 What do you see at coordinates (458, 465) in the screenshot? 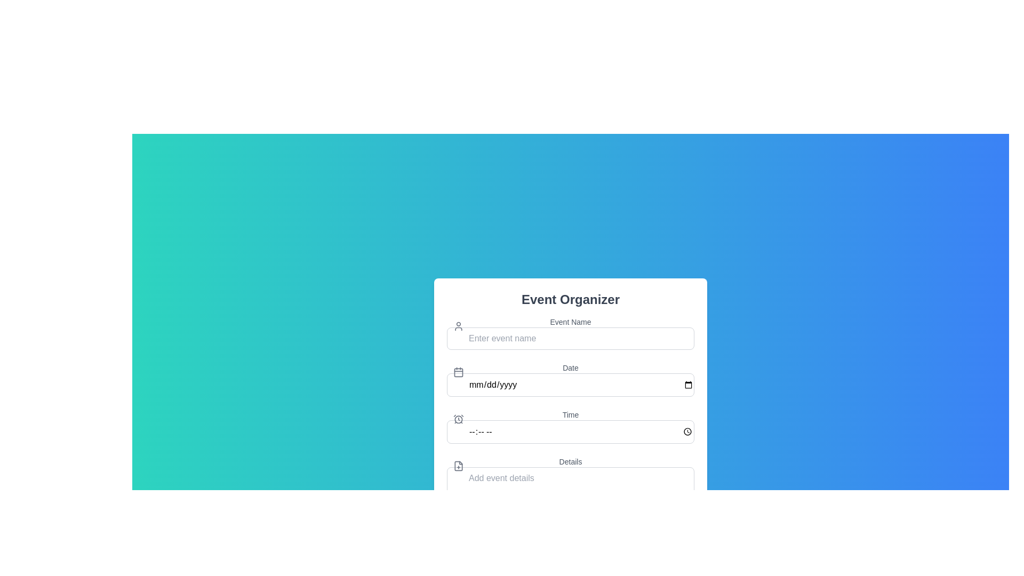
I see `the icon representing the action of adding something, located to the left of the multiline text input box labeled 'Details'` at bounding box center [458, 465].